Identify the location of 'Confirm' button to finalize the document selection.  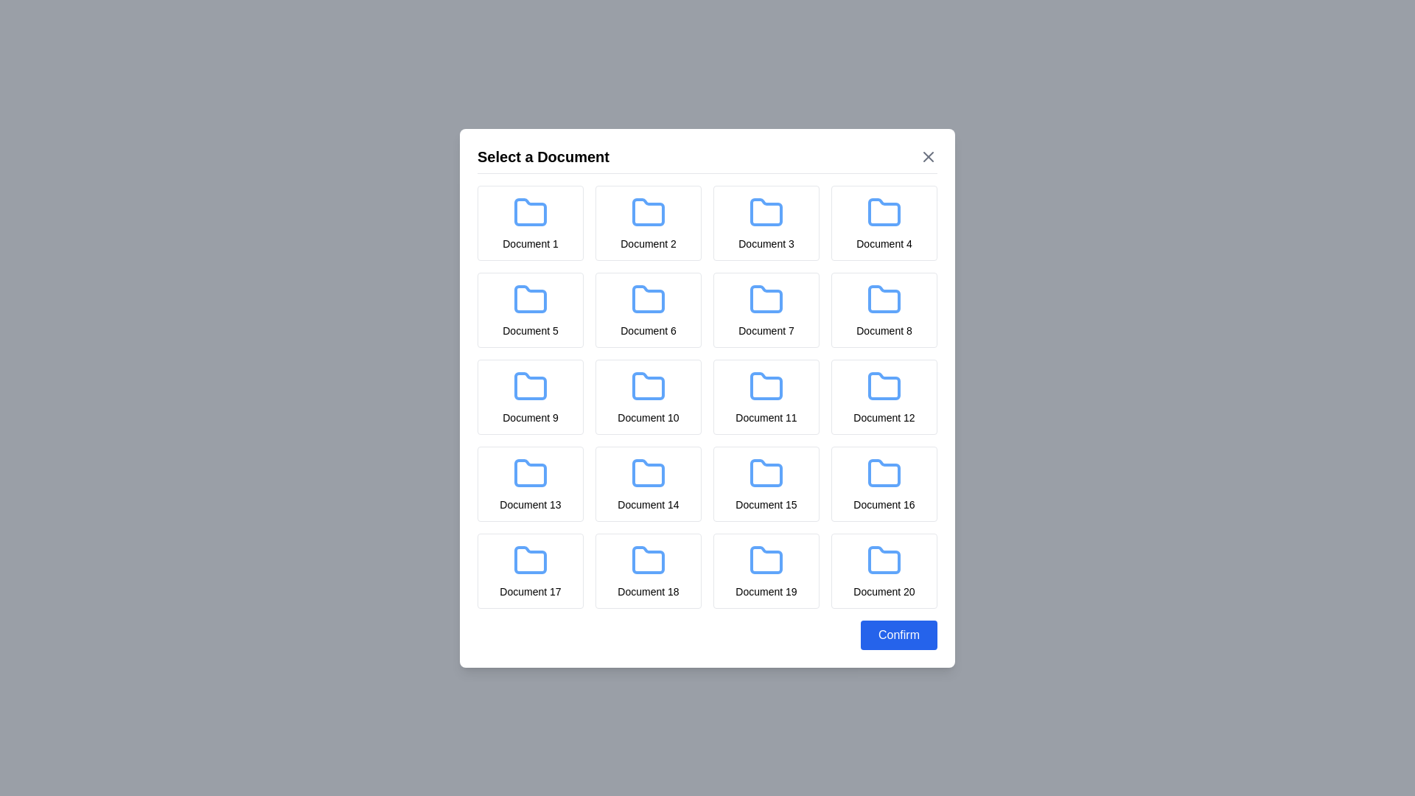
(898, 634).